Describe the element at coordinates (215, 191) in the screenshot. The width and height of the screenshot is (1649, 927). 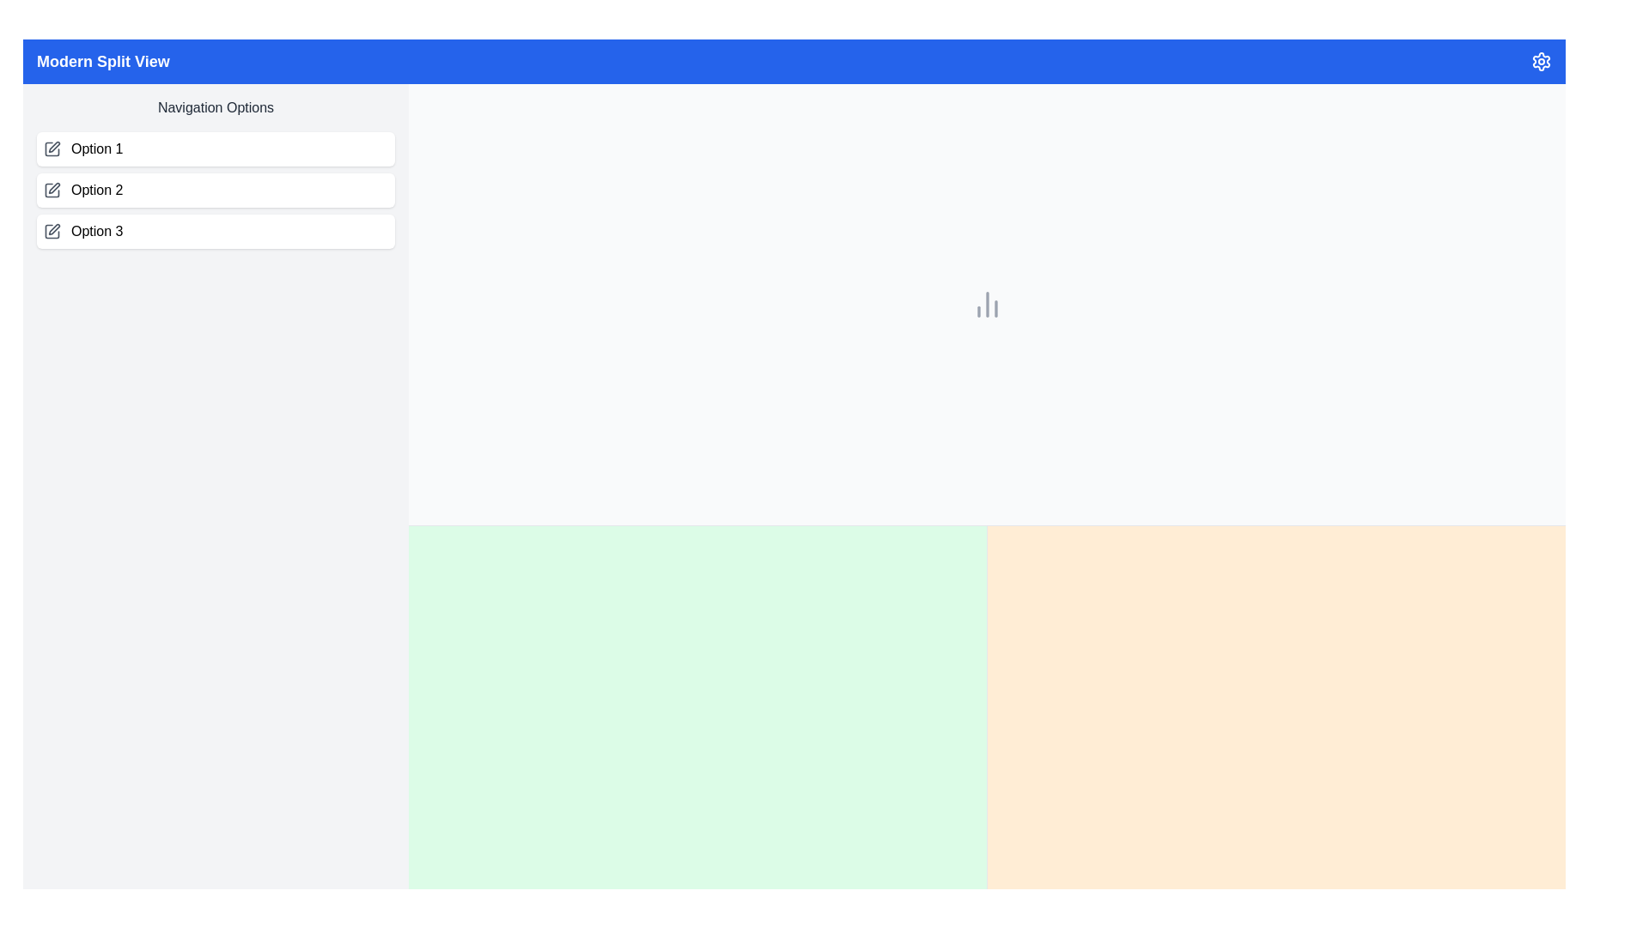
I see `the second button labeled 'Option 2' in the vertical button group located in the left sidebar below 'Navigation Options'` at that location.